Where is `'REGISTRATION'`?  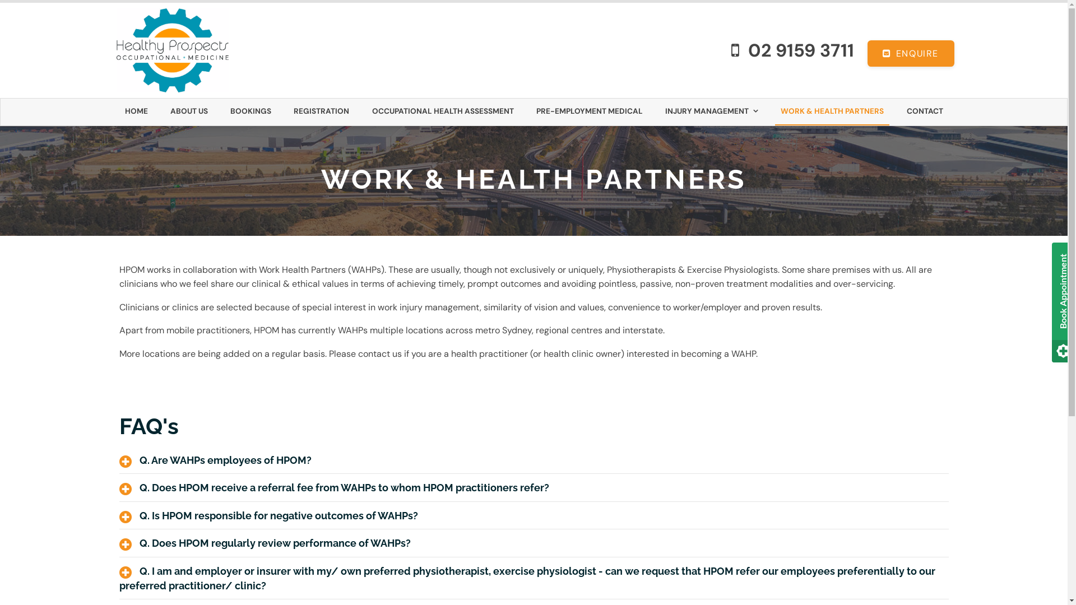 'REGISTRATION' is located at coordinates (321, 112).